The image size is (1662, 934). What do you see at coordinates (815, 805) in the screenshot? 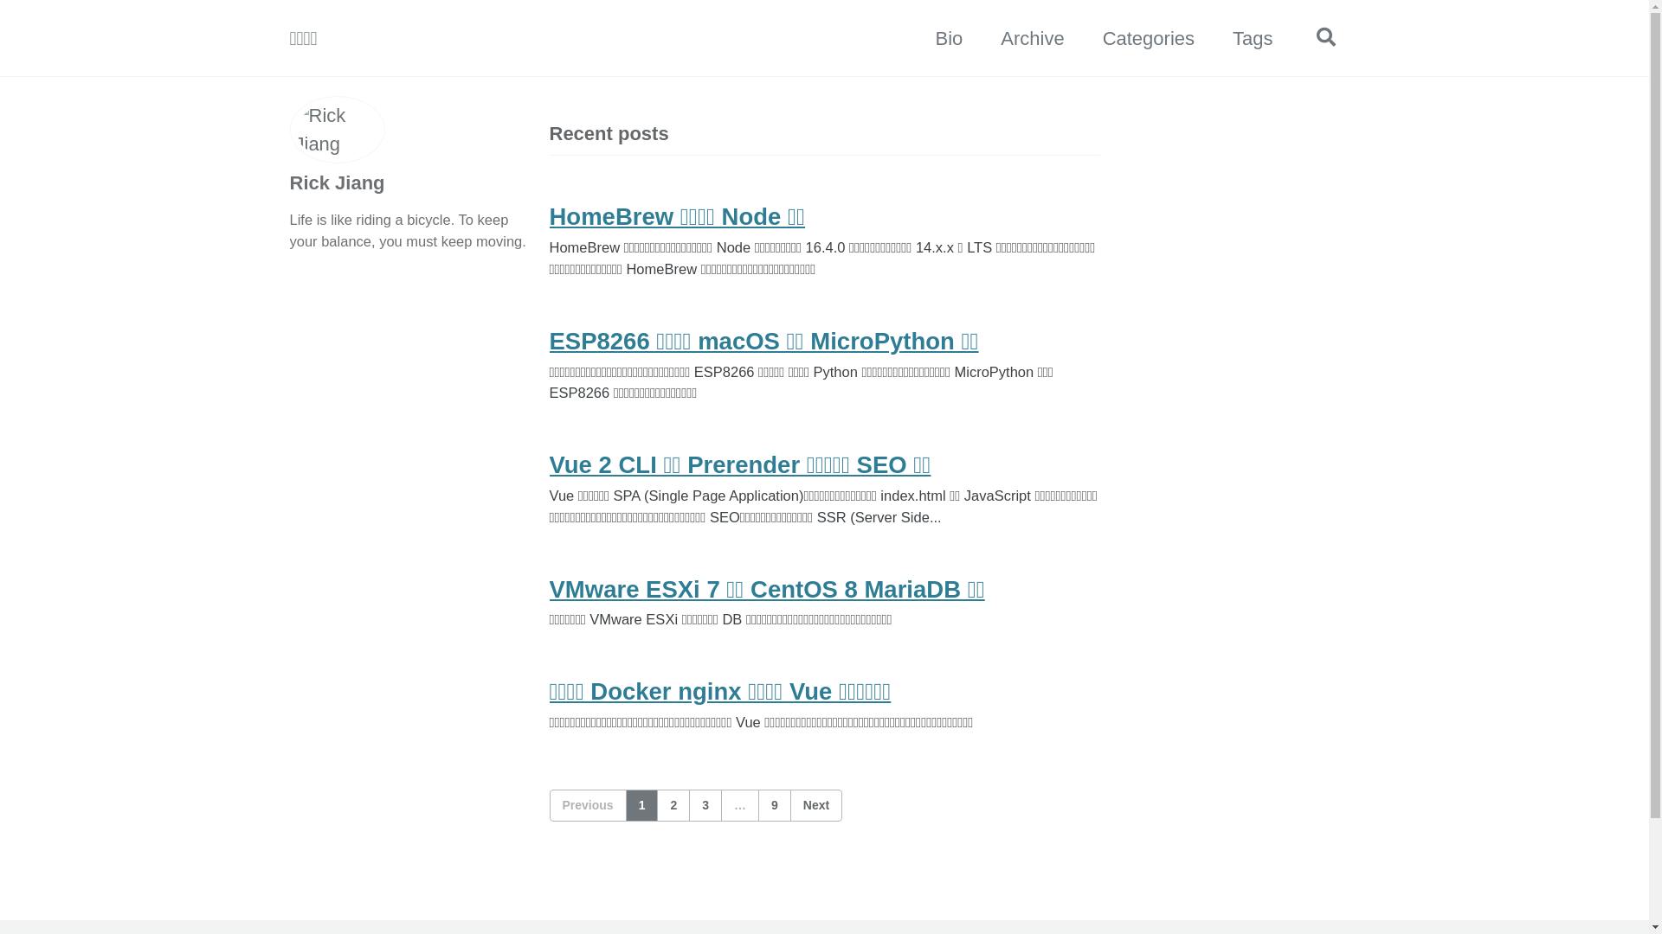
I see `'Next'` at bounding box center [815, 805].